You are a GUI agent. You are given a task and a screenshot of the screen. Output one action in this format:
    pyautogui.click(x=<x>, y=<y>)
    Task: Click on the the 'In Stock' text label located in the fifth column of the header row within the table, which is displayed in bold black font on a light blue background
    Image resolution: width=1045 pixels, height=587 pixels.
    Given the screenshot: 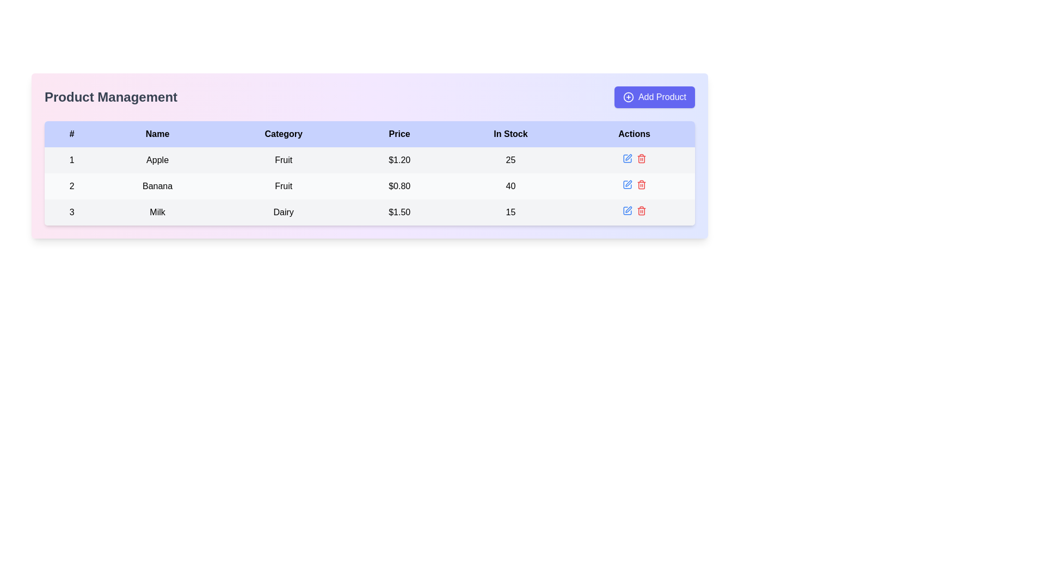 What is the action you would take?
    pyautogui.click(x=510, y=133)
    